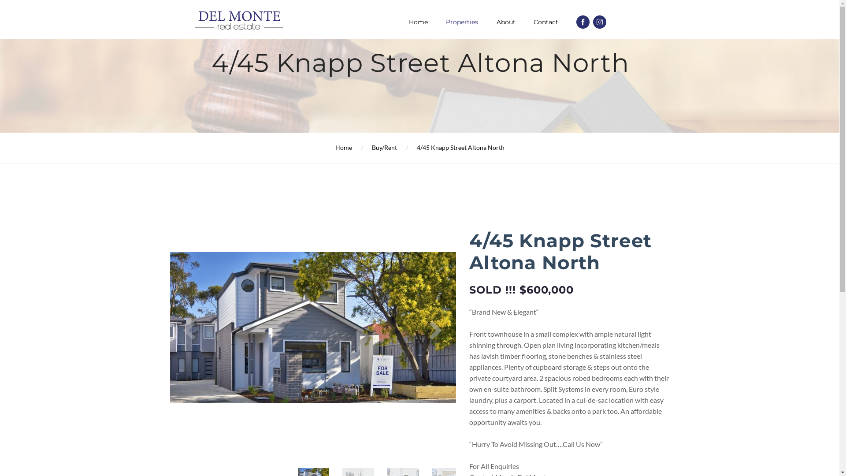  What do you see at coordinates (505, 22) in the screenshot?
I see `'About'` at bounding box center [505, 22].